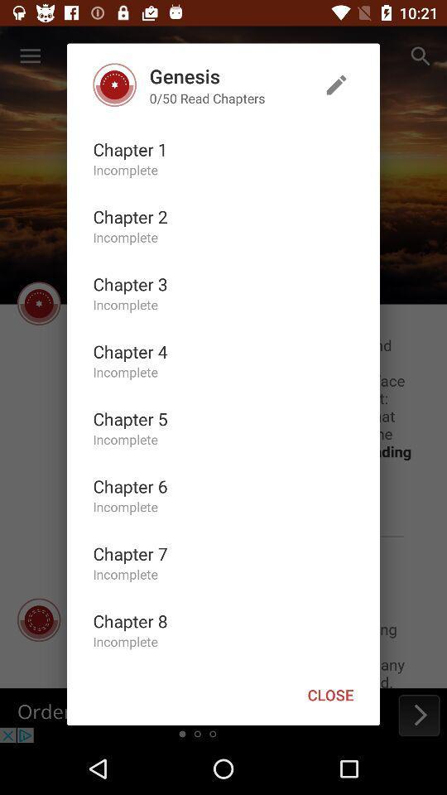 The width and height of the screenshot is (447, 795). I want to click on the chapter 4 icon, so click(129, 351).